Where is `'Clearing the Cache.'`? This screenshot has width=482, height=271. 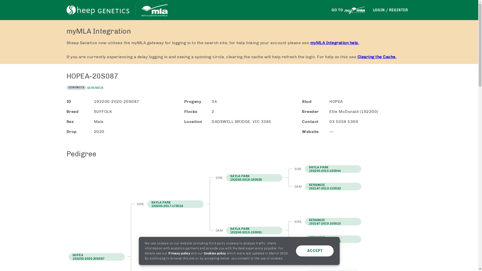
'Clearing the Cache.' is located at coordinates (377, 56).